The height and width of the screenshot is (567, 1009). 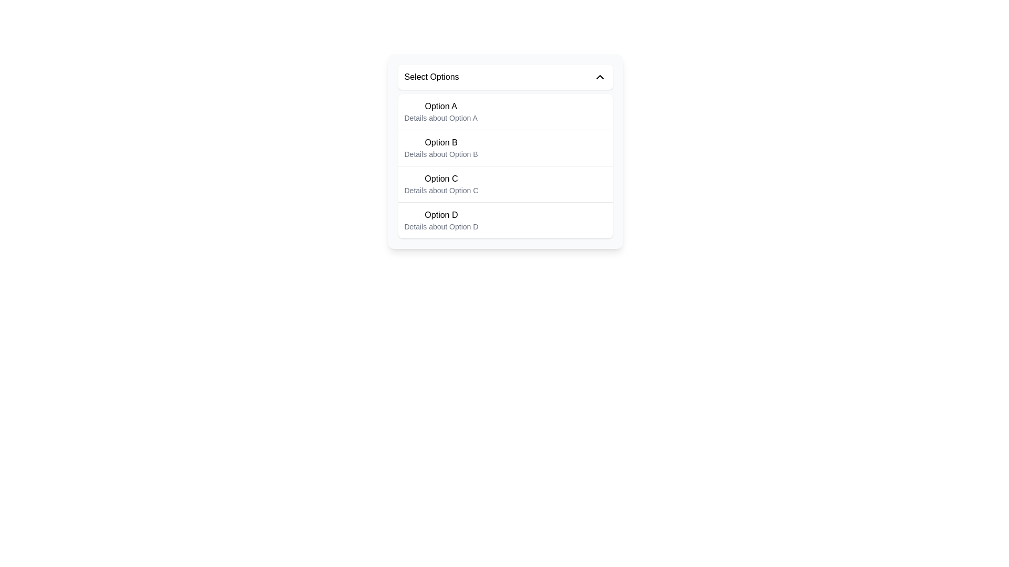 What do you see at coordinates (441, 143) in the screenshot?
I see `the static text element displaying 'Option B' in a dropdown menu` at bounding box center [441, 143].